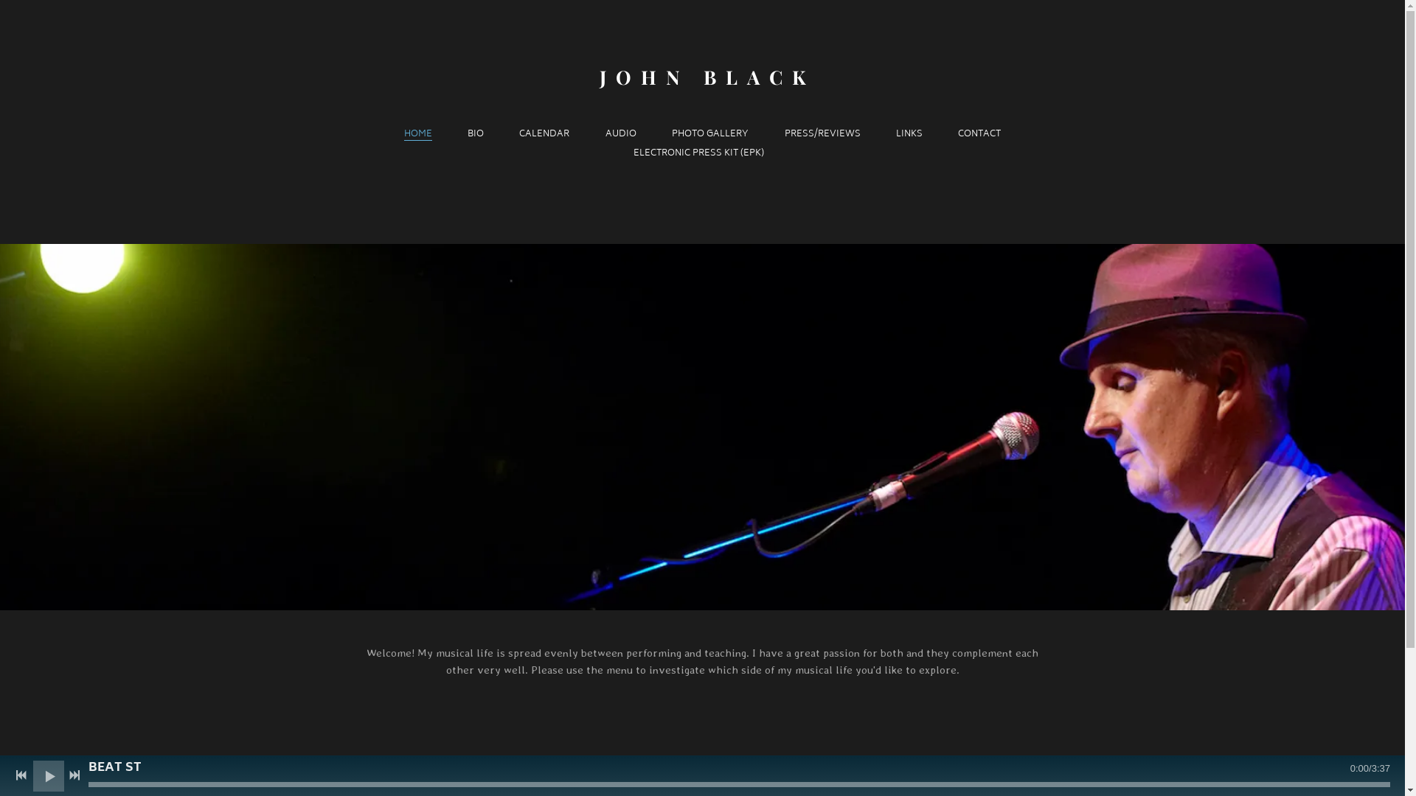 The image size is (1416, 796). What do you see at coordinates (784, 134) in the screenshot?
I see `'PRESS/REVIEWS'` at bounding box center [784, 134].